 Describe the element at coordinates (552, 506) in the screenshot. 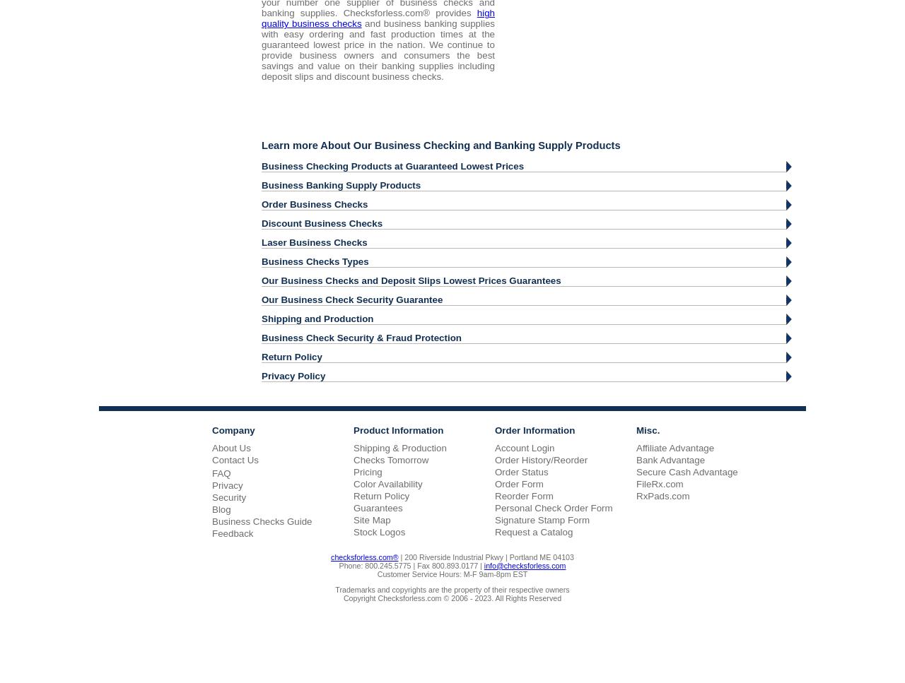

I see `'Personal Check Order Form'` at that location.